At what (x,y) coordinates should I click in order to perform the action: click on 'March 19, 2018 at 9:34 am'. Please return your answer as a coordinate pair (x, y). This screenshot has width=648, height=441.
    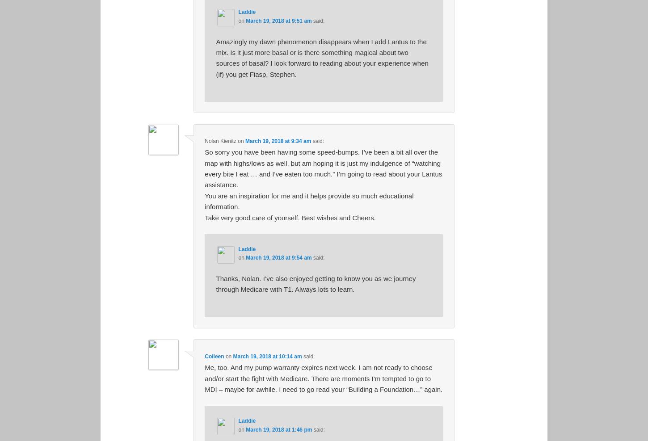
    Looking at the image, I should click on (278, 140).